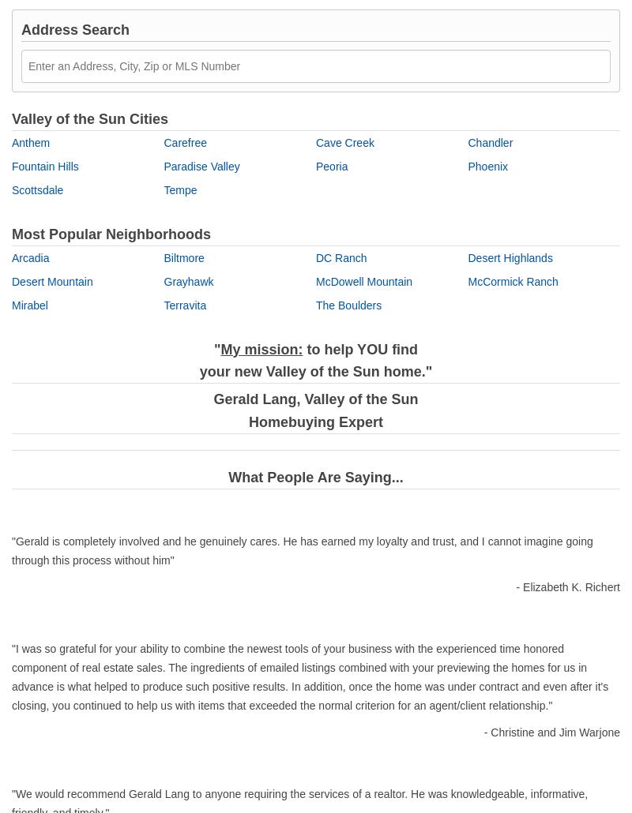  I want to click on 'DC Ranch', so click(341, 256).